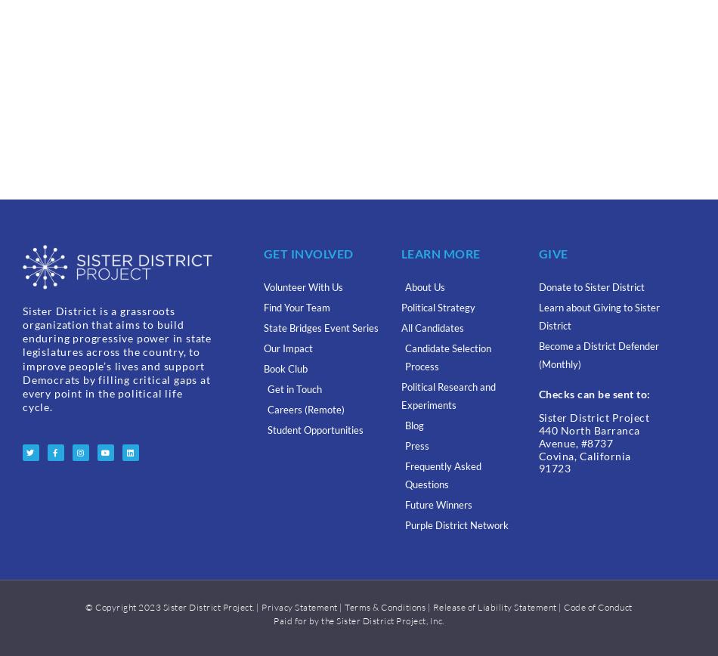  What do you see at coordinates (262, 308) in the screenshot?
I see `'Find Your Team'` at bounding box center [262, 308].